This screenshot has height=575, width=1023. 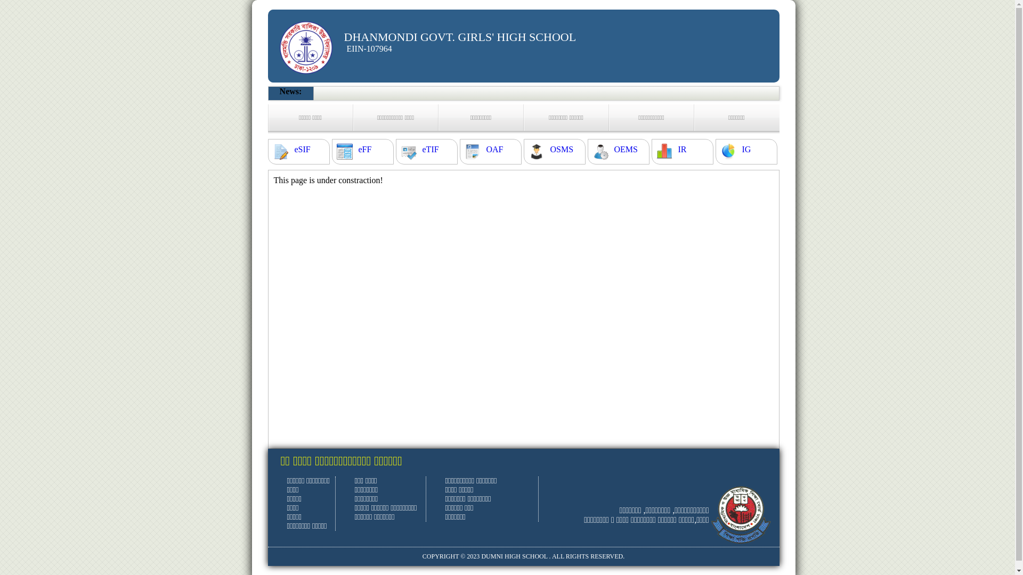 What do you see at coordinates (430, 150) in the screenshot?
I see `'eTIF'` at bounding box center [430, 150].